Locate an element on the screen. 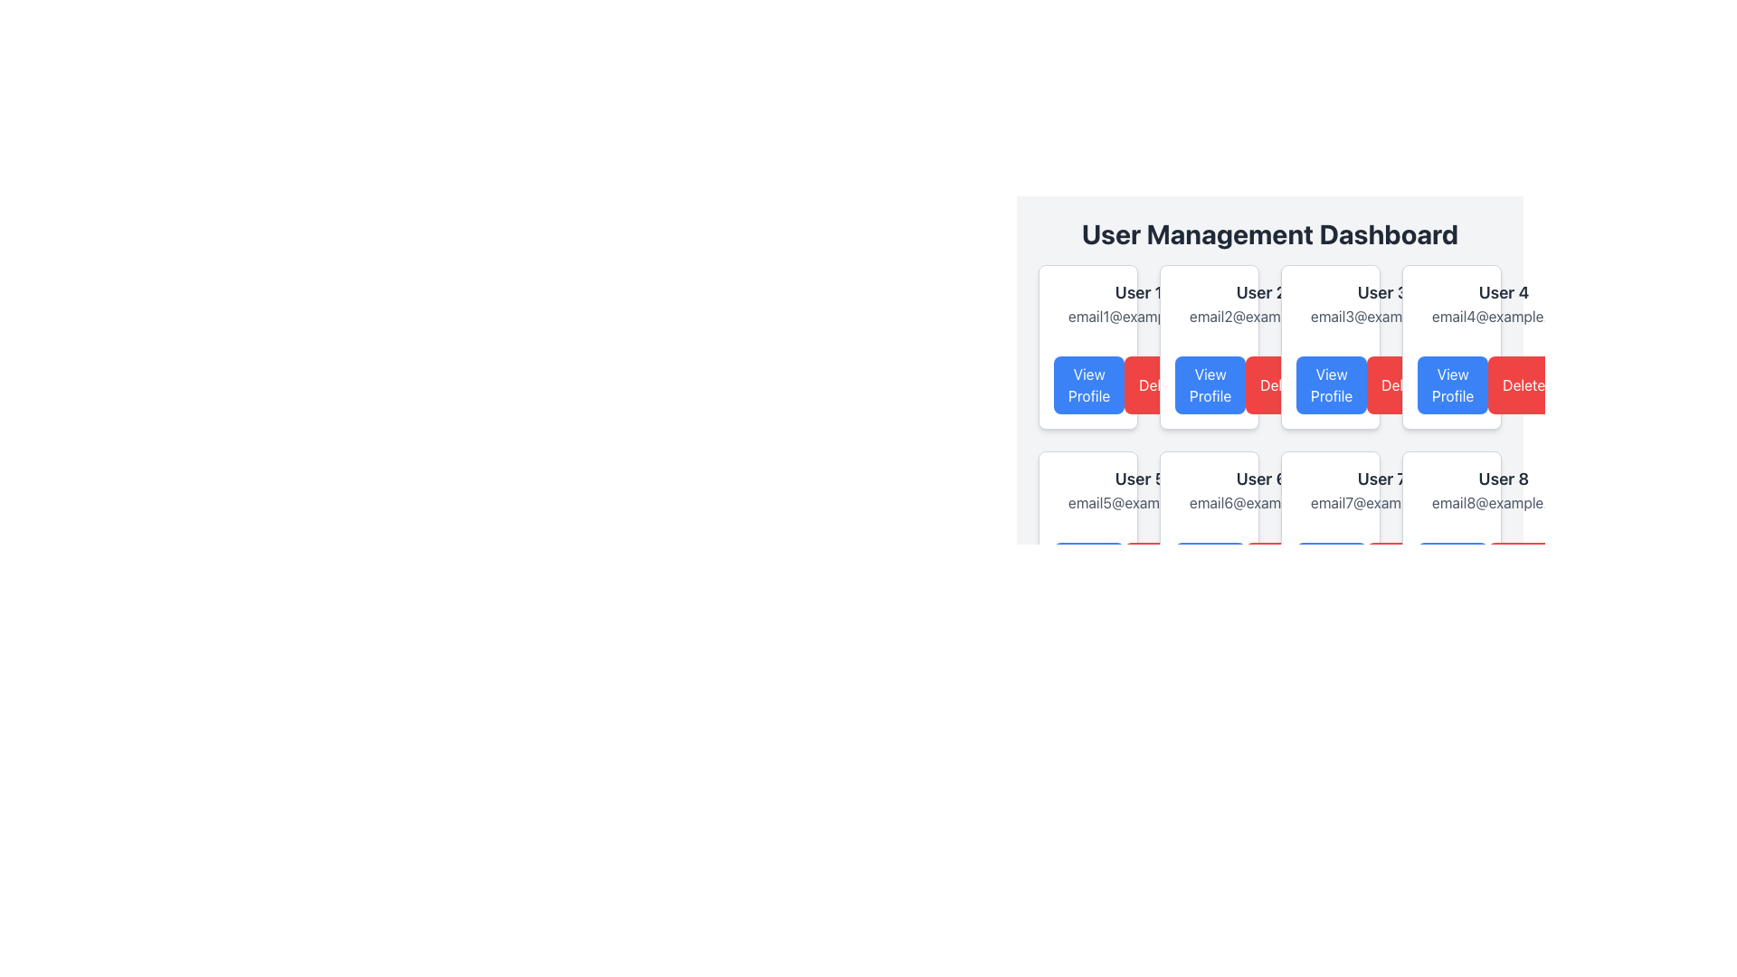  text block displaying 'User 7' and 'email7@example.com' to read its content is located at coordinates (1381, 490).